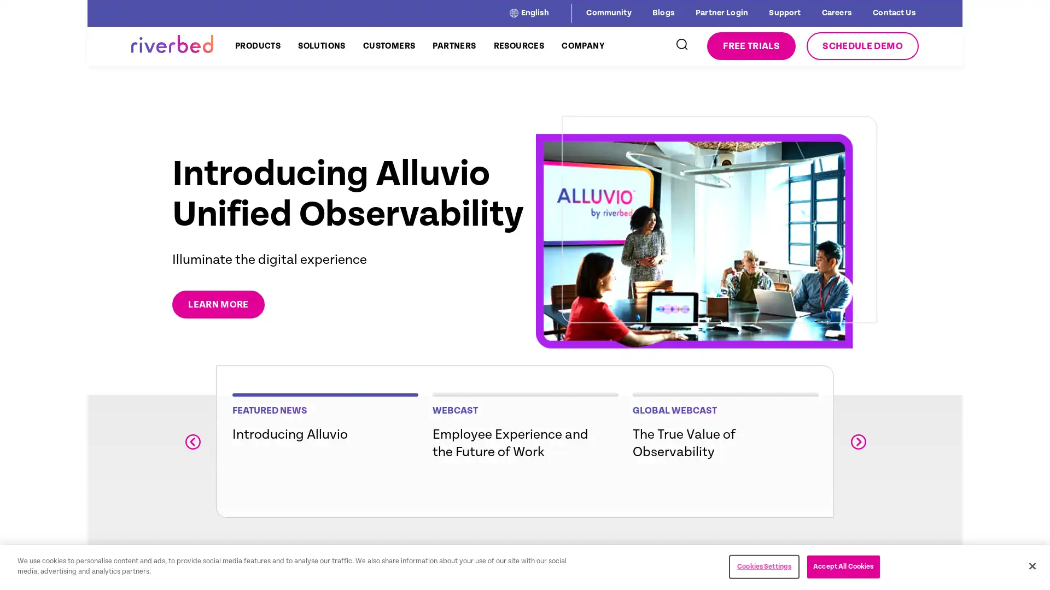  What do you see at coordinates (192, 440) in the screenshot?
I see `Previous` at bounding box center [192, 440].